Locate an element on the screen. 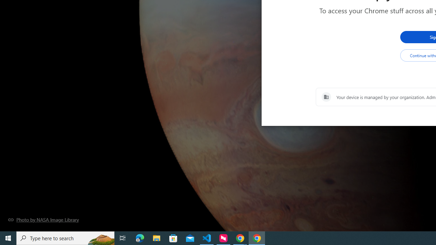  'Search highlights icon opens search home window' is located at coordinates (100, 238).